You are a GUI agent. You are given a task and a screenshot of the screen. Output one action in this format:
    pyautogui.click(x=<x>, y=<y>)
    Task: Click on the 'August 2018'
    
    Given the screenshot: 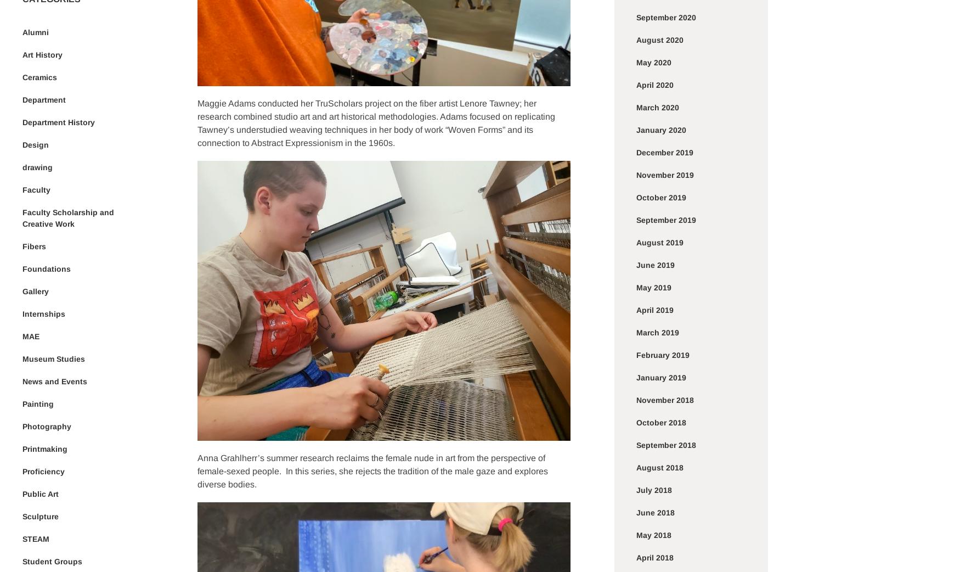 What is the action you would take?
    pyautogui.click(x=659, y=468)
    